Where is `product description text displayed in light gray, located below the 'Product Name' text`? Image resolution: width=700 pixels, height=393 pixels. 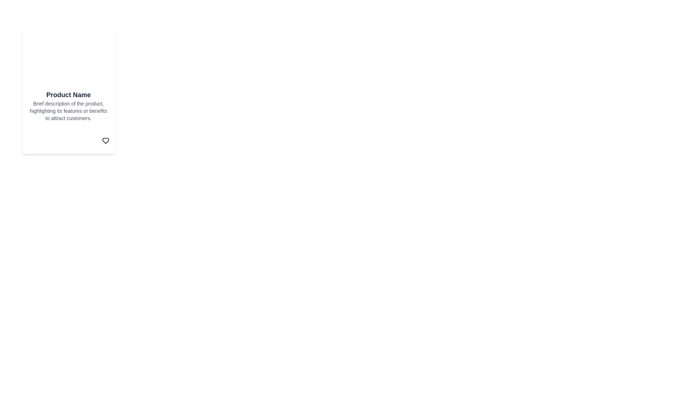 product description text displayed in light gray, located below the 'Product Name' text is located at coordinates (68, 111).